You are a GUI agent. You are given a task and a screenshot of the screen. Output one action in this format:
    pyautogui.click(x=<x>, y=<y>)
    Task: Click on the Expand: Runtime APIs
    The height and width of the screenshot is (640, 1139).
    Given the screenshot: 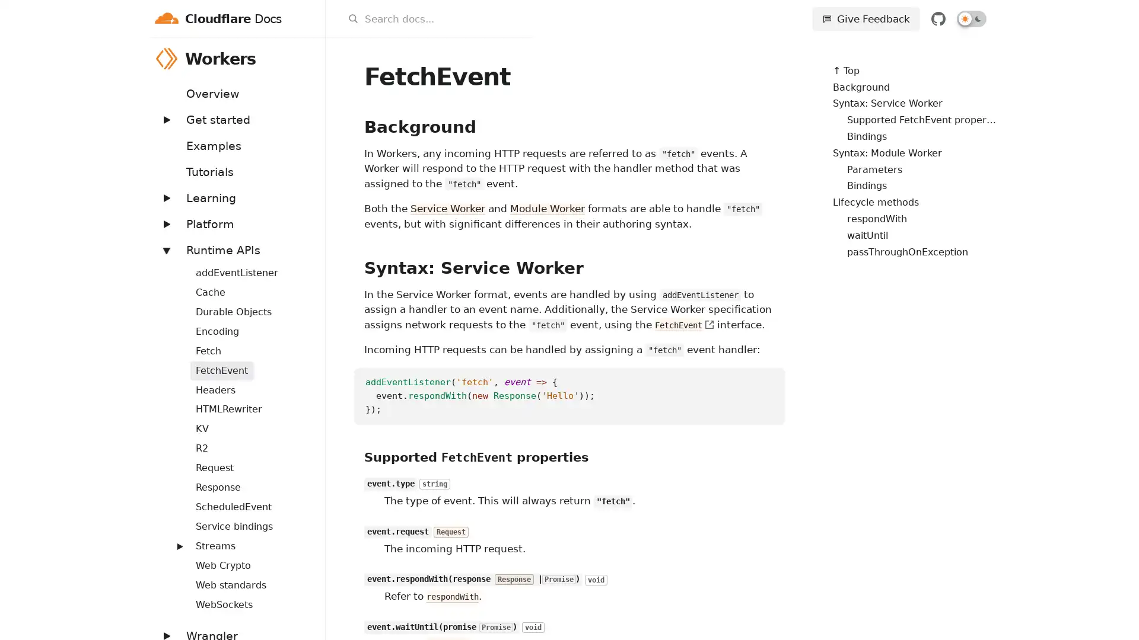 What is the action you would take?
    pyautogui.click(x=165, y=249)
    